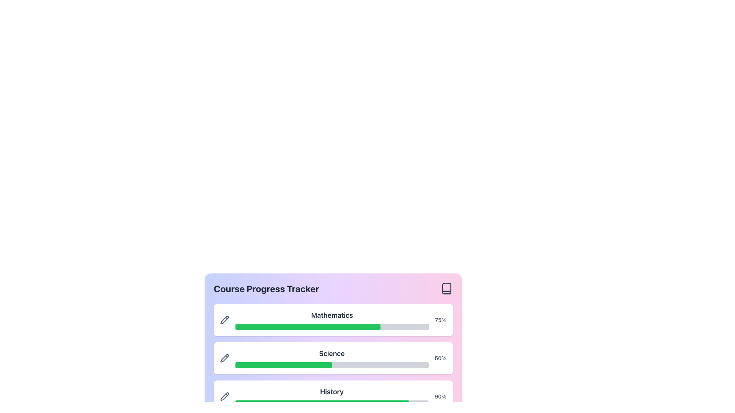  What do you see at coordinates (446, 289) in the screenshot?
I see `the icon in the top-right corner of the 'Course Progress Tracker' module` at bounding box center [446, 289].